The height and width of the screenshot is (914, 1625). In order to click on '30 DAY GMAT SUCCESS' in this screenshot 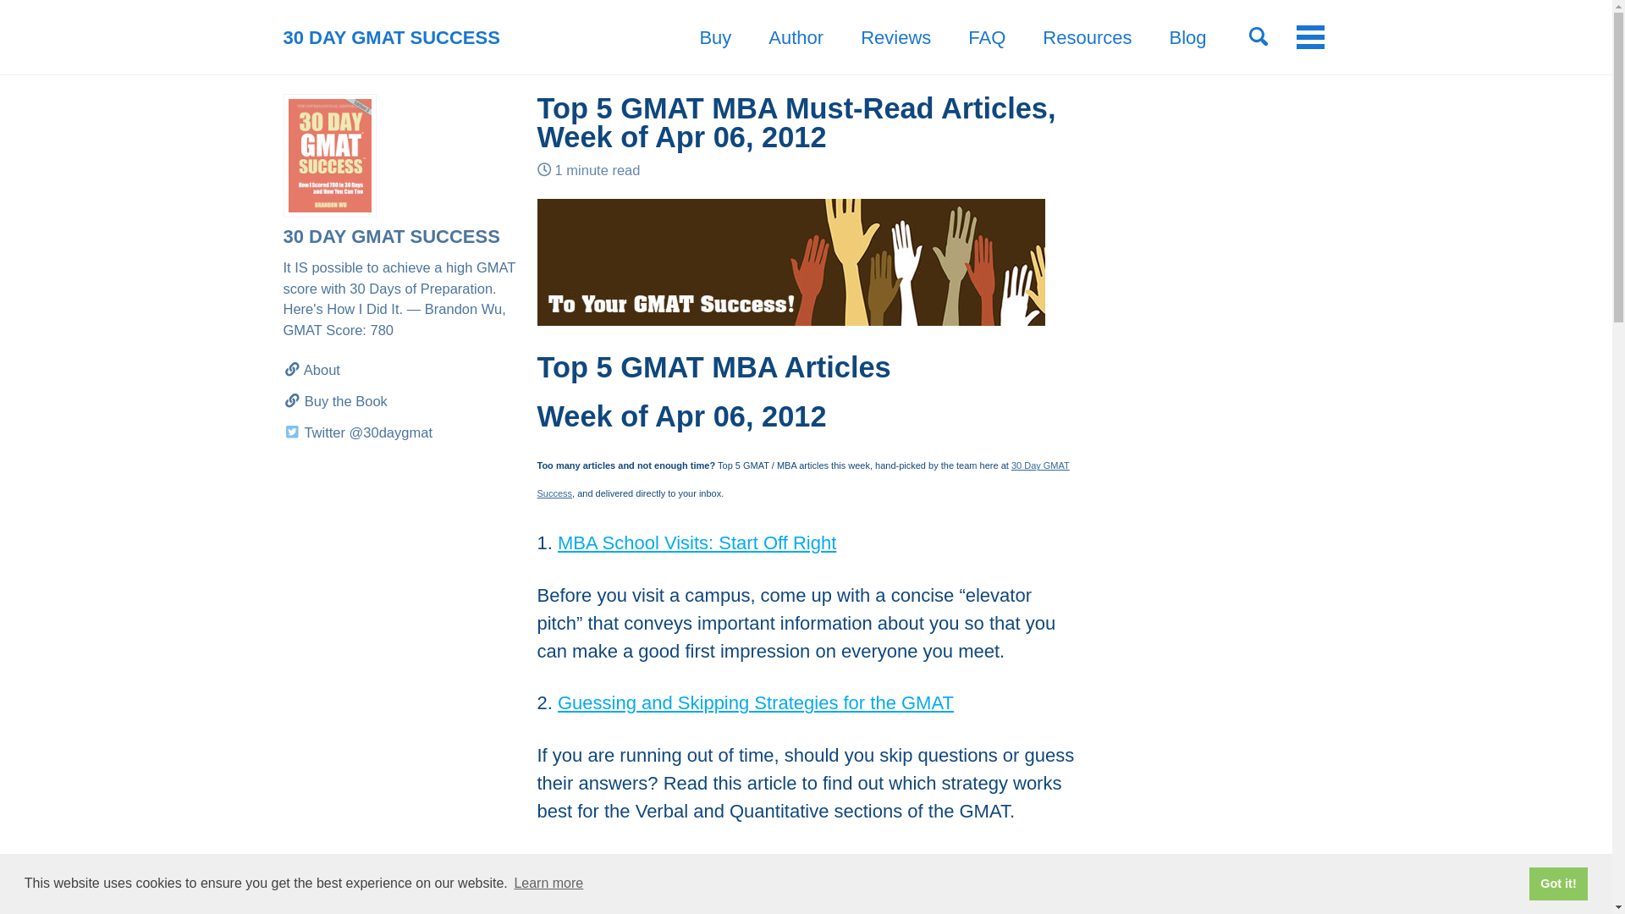, I will do `click(389, 37)`.